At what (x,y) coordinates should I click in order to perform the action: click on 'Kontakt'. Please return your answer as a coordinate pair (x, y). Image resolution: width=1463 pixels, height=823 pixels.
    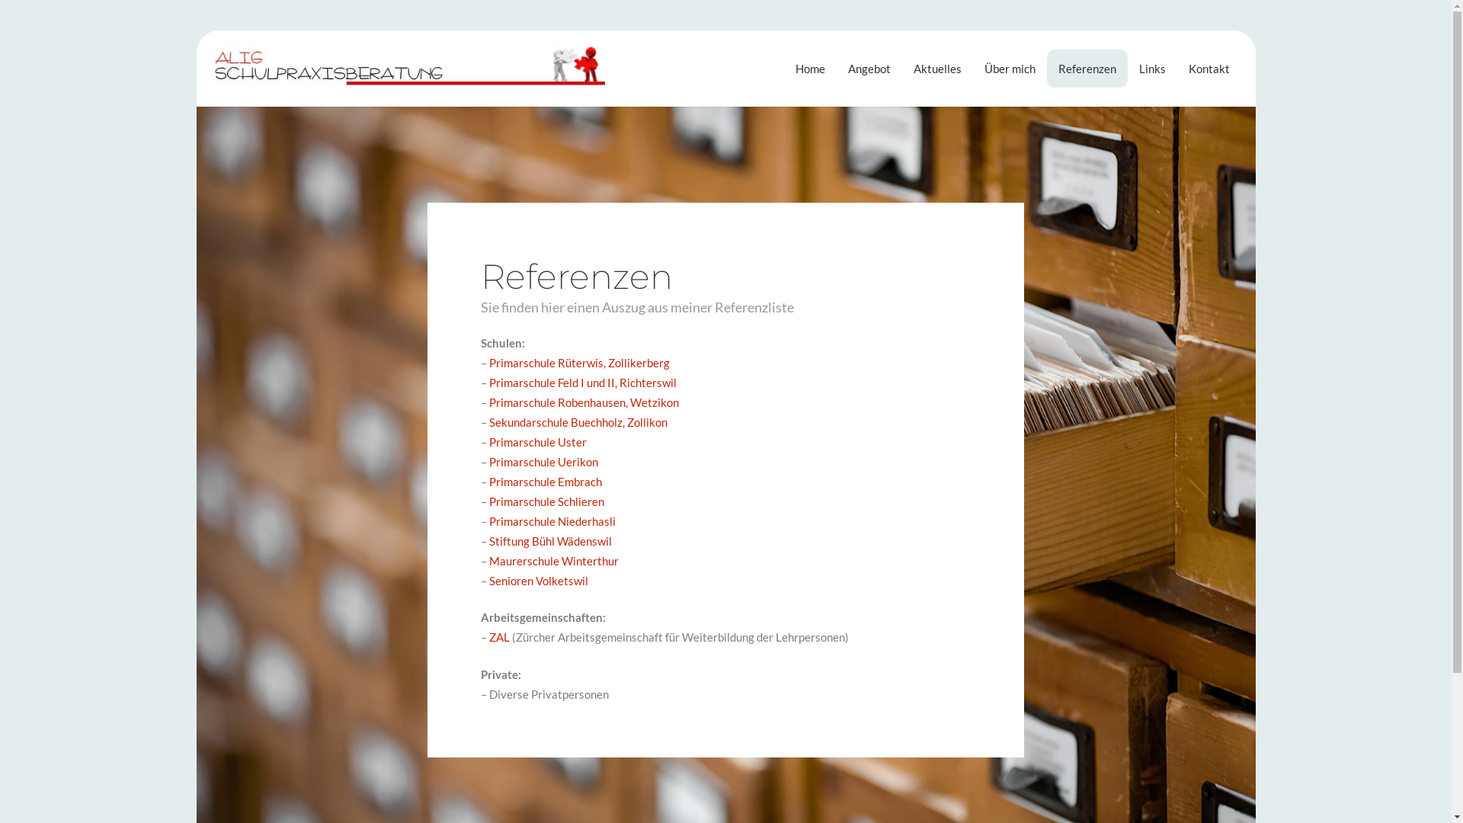
    Looking at the image, I should click on (1208, 67).